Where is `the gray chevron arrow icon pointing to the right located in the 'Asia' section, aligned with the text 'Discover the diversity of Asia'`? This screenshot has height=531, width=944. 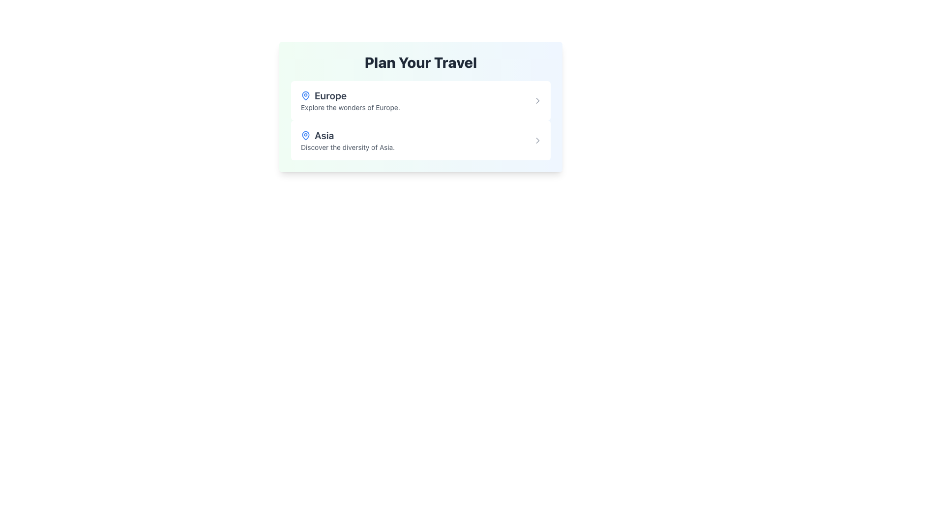
the gray chevron arrow icon pointing to the right located in the 'Asia' section, aligned with the text 'Discover the diversity of Asia' is located at coordinates (537, 140).